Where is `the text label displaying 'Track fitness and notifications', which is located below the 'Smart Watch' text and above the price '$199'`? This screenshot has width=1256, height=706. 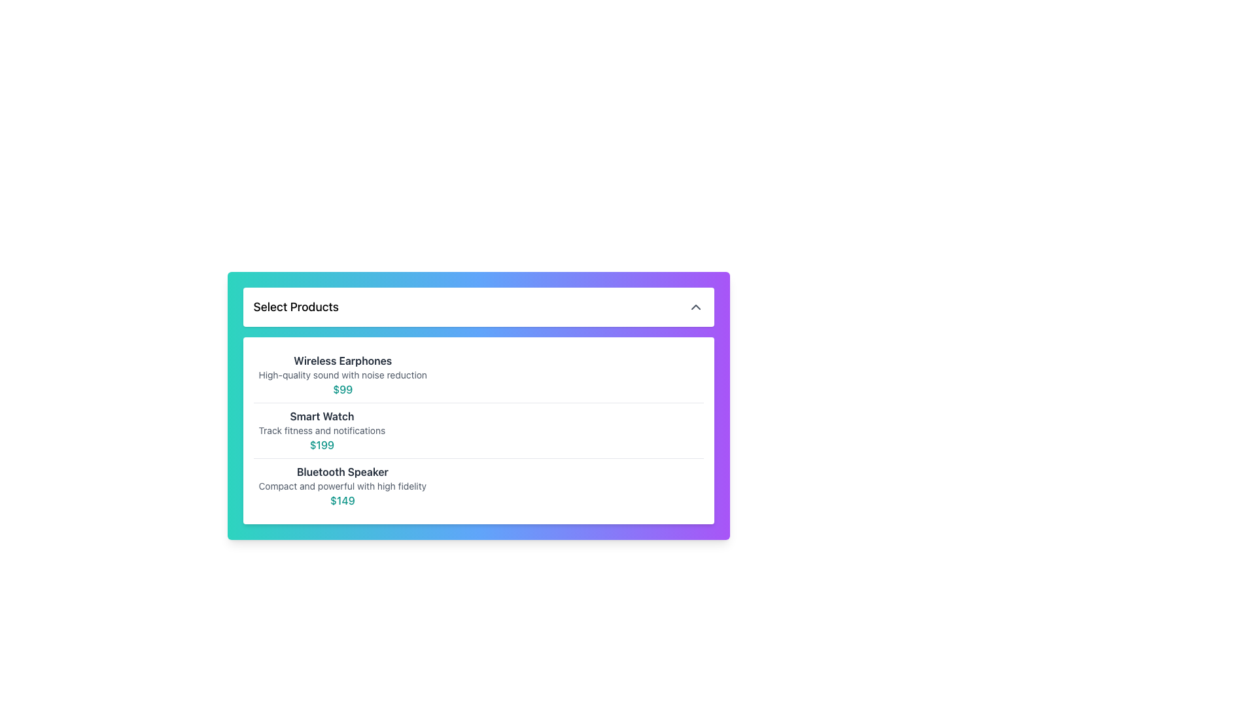
the text label displaying 'Track fitness and notifications', which is located below the 'Smart Watch' text and above the price '$199' is located at coordinates (322, 431).